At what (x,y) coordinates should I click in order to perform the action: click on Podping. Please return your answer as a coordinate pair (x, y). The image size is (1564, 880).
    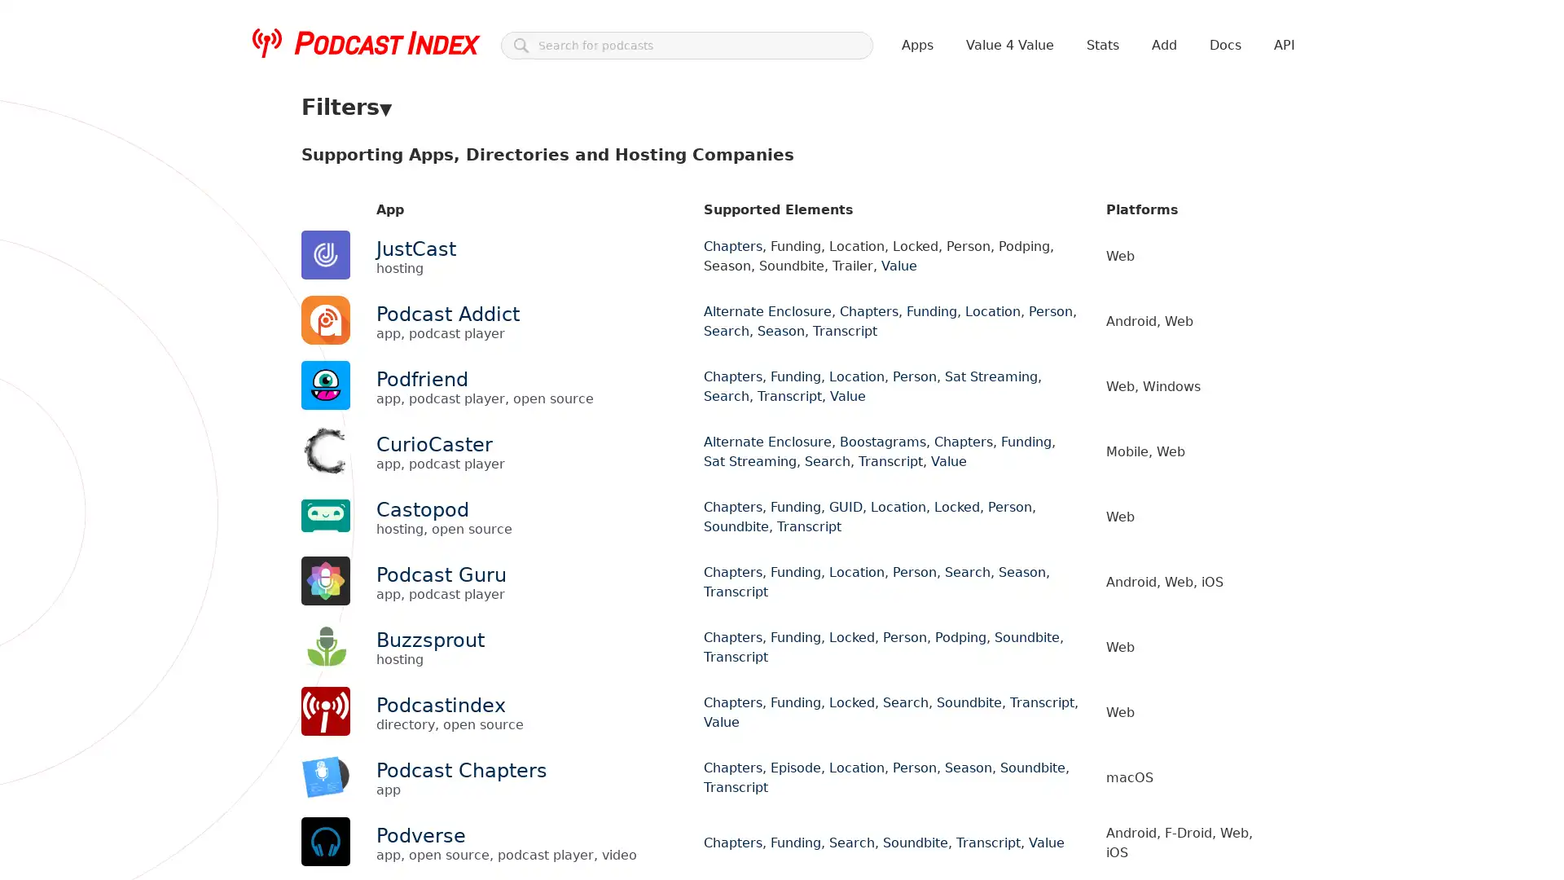
    Looking at the image, I should click on (1000, 246).